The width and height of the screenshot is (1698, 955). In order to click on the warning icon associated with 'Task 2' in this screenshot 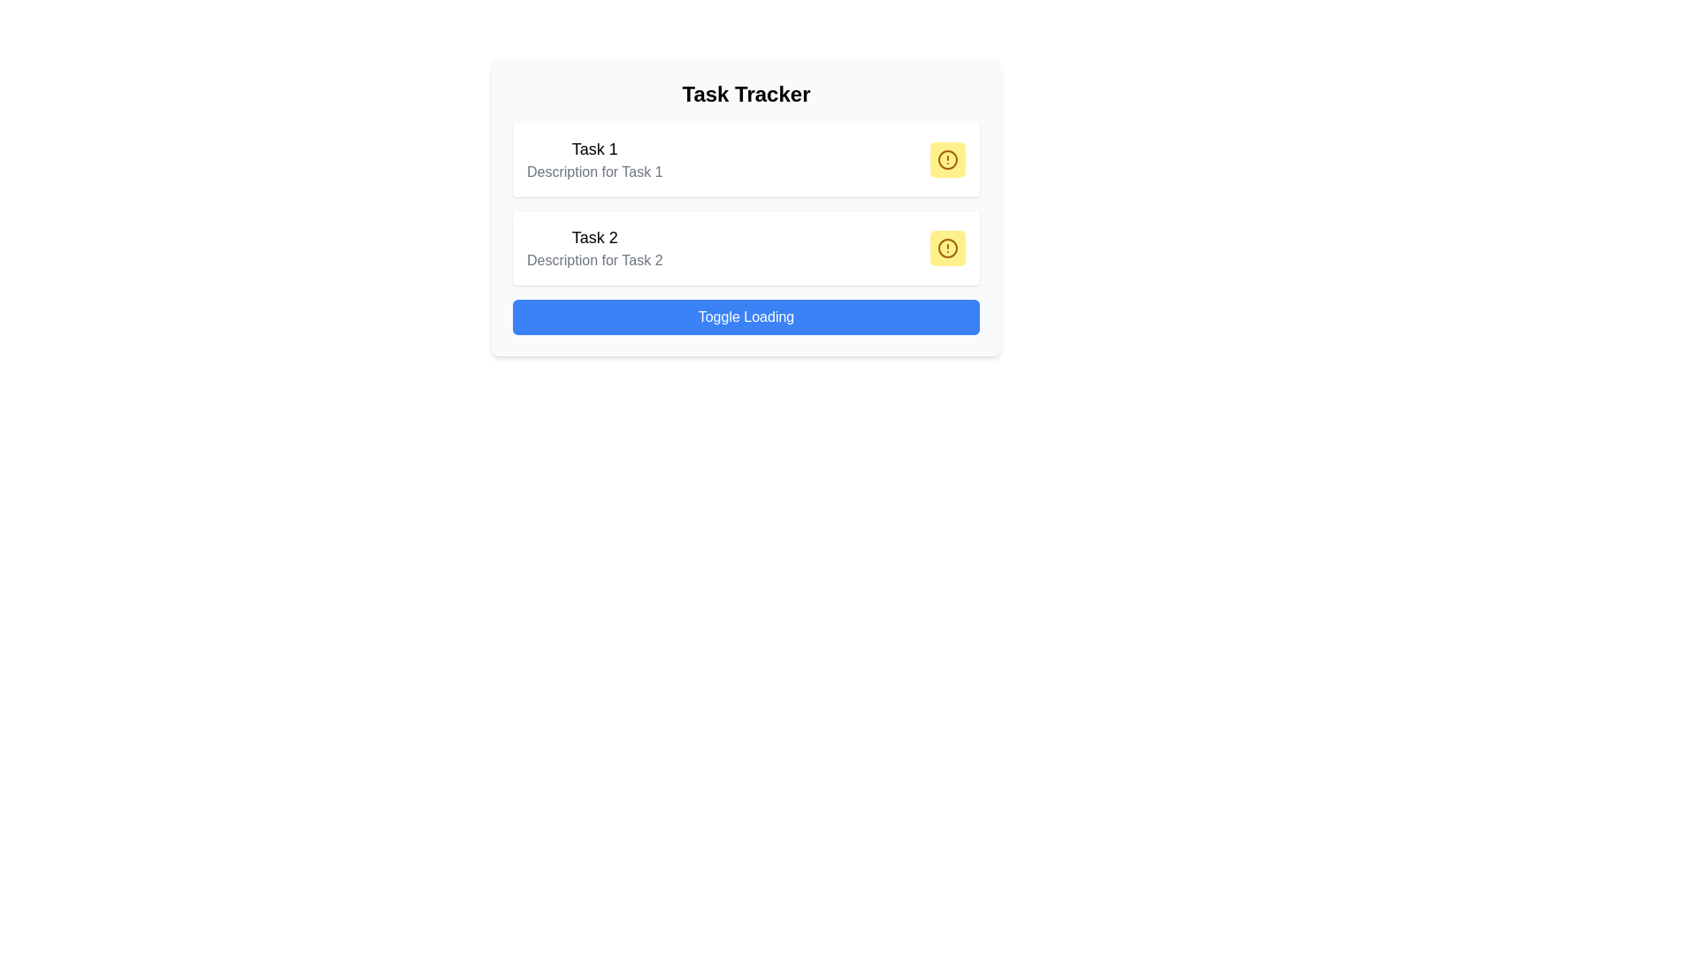, I will do `click(946, 248)`.